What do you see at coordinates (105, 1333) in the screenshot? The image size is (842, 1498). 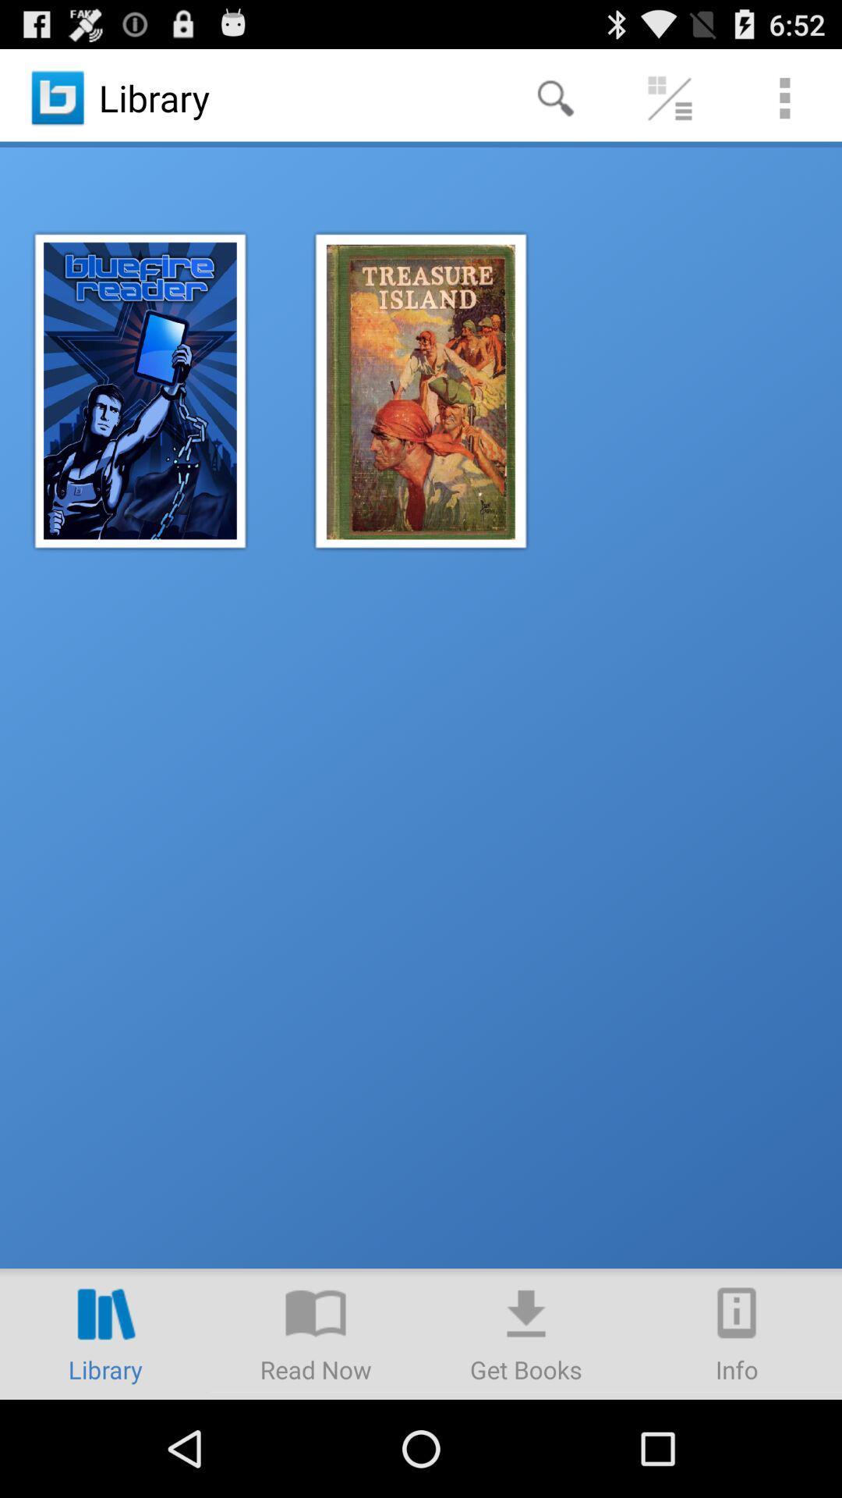 I see `open library` at bounding box center [105, 1333].